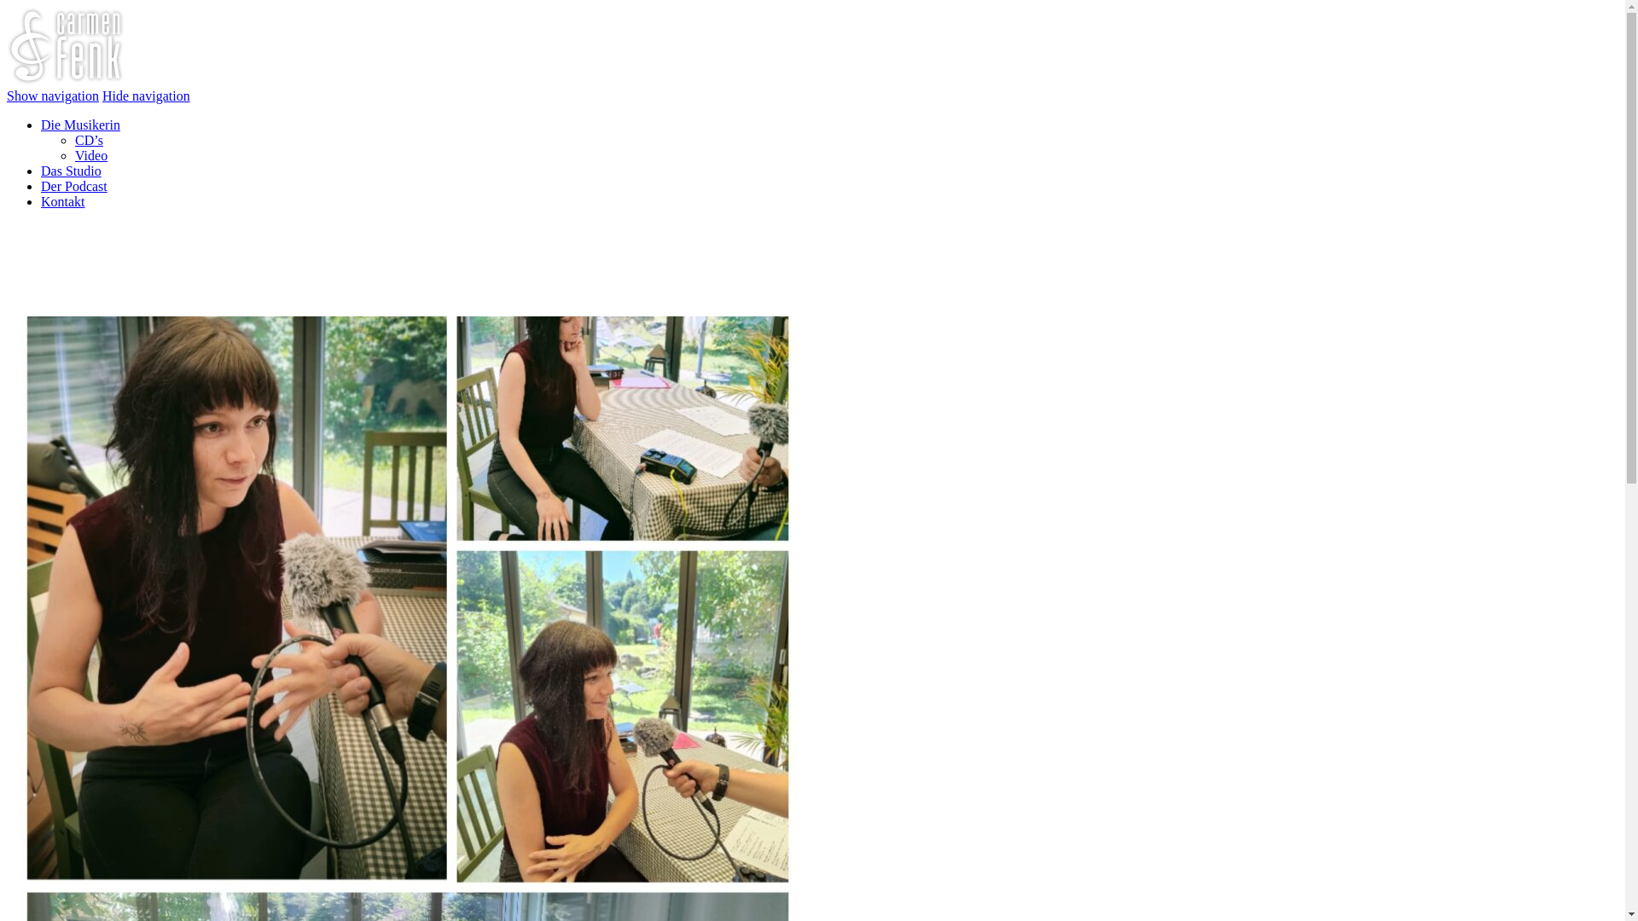 This screenshot has height=921, width=1638. I want to click on 'Der Podcast', so click(41, 186).